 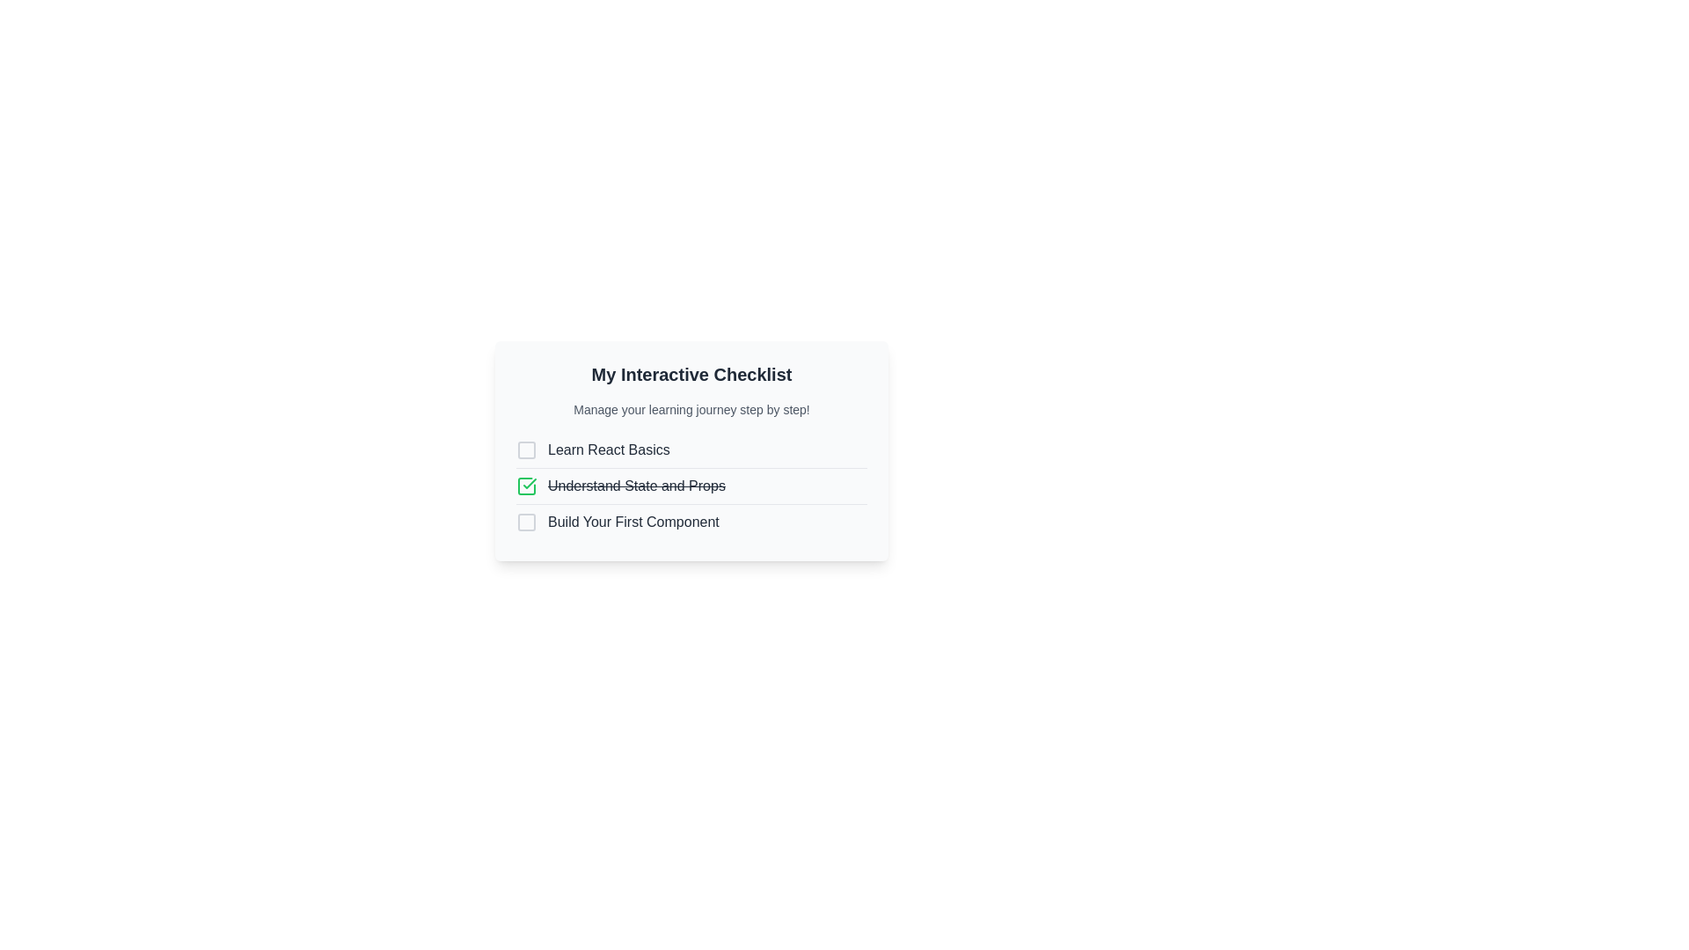 I want to click on the checkbox of the completed task item 'Understand State and Props' in the checklist, so click(x=691, y=486).